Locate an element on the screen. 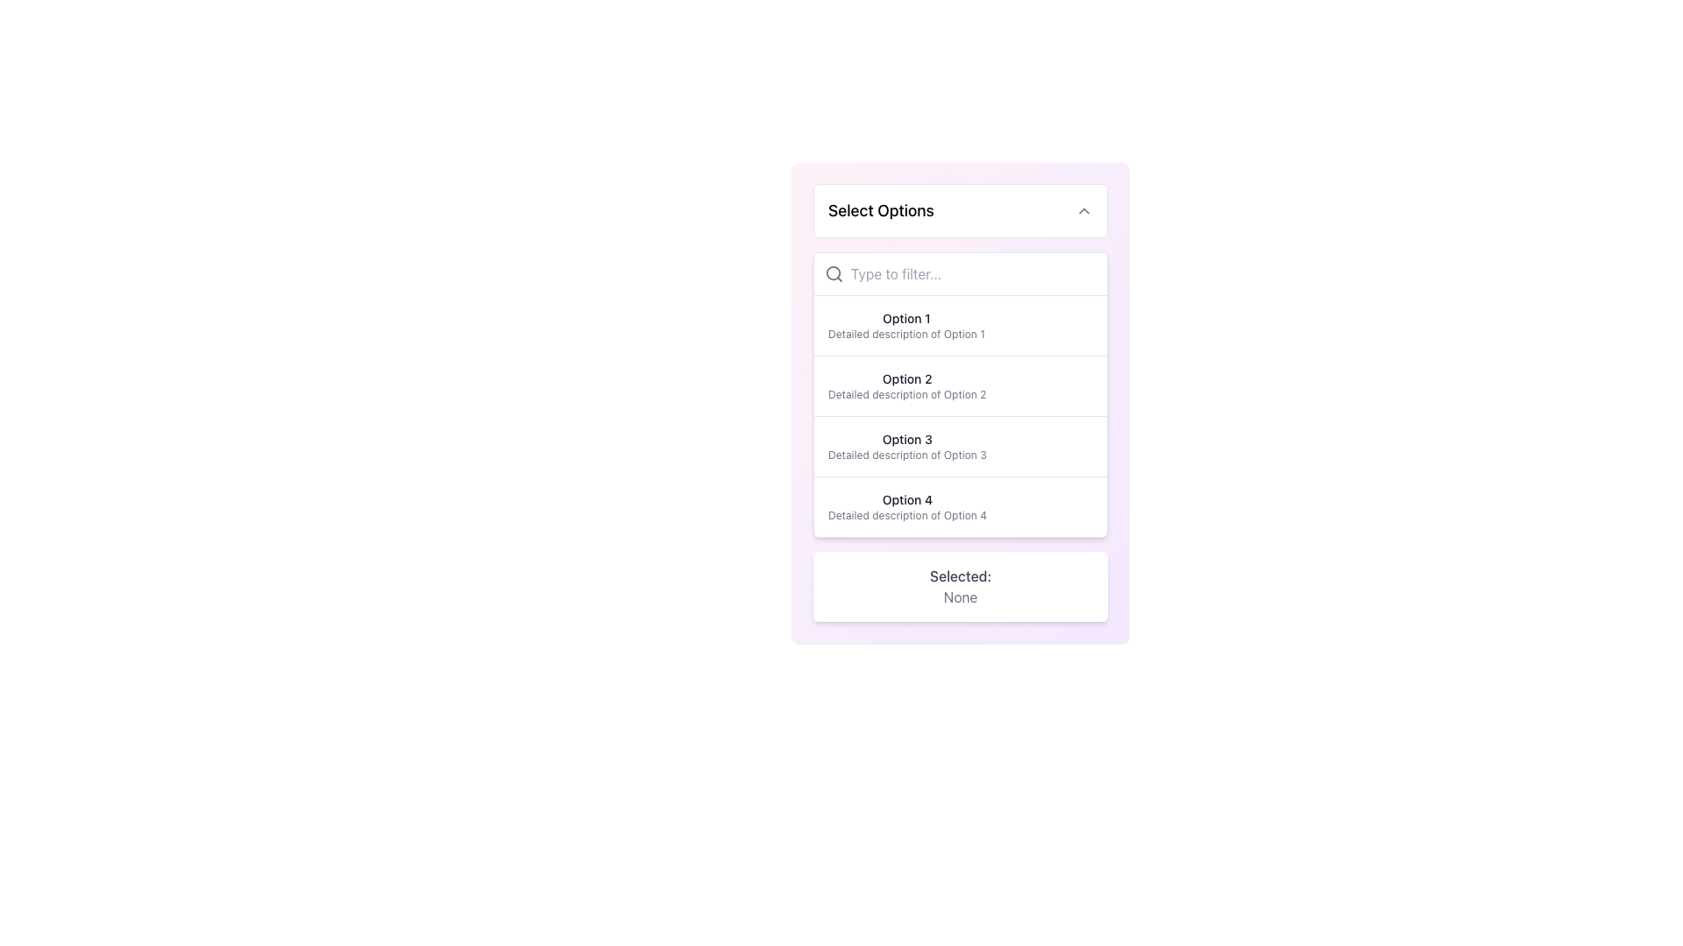  description of the Text label providing details about 'Option 1' located in the dropdown selection panel, which is positioned below the header 'Option 1' is located at coordinates (906, 334).